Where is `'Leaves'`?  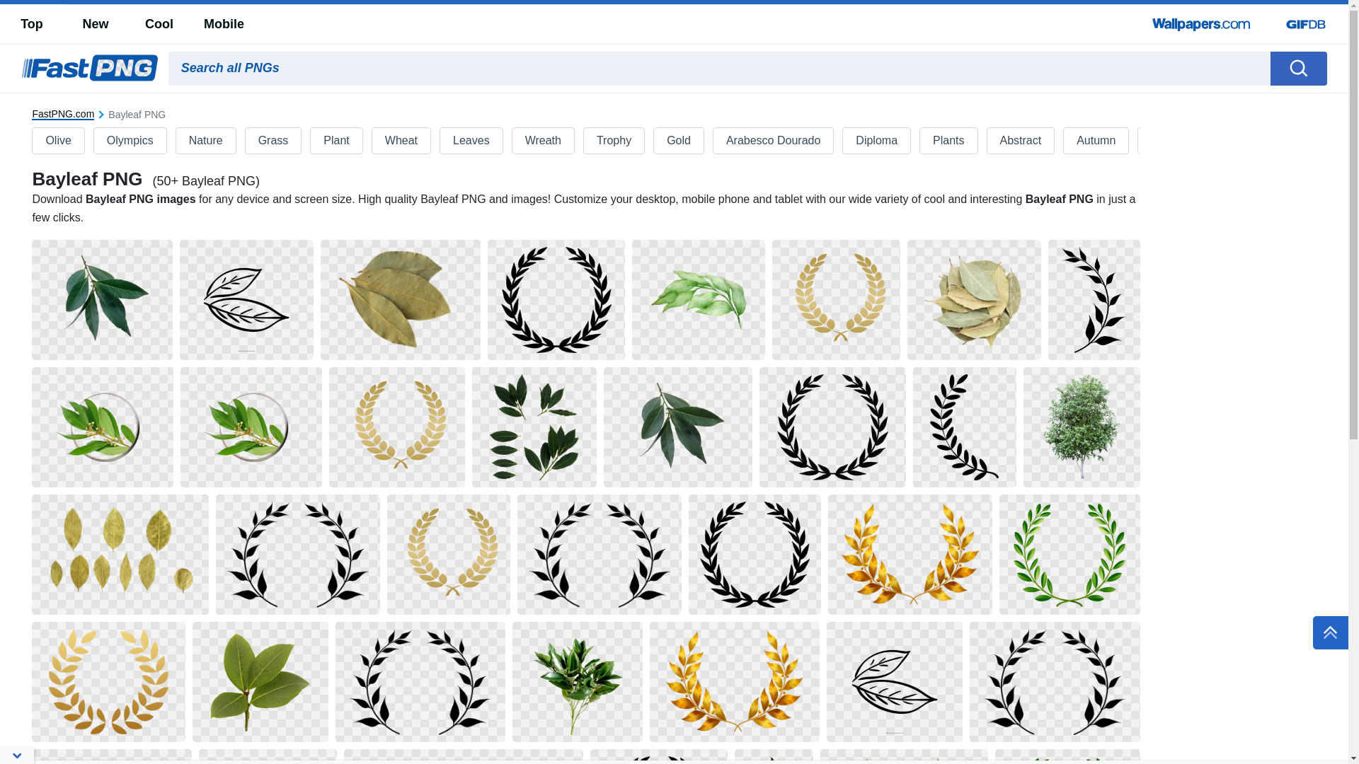
'Leaves' is located at coordinates (471, 141).